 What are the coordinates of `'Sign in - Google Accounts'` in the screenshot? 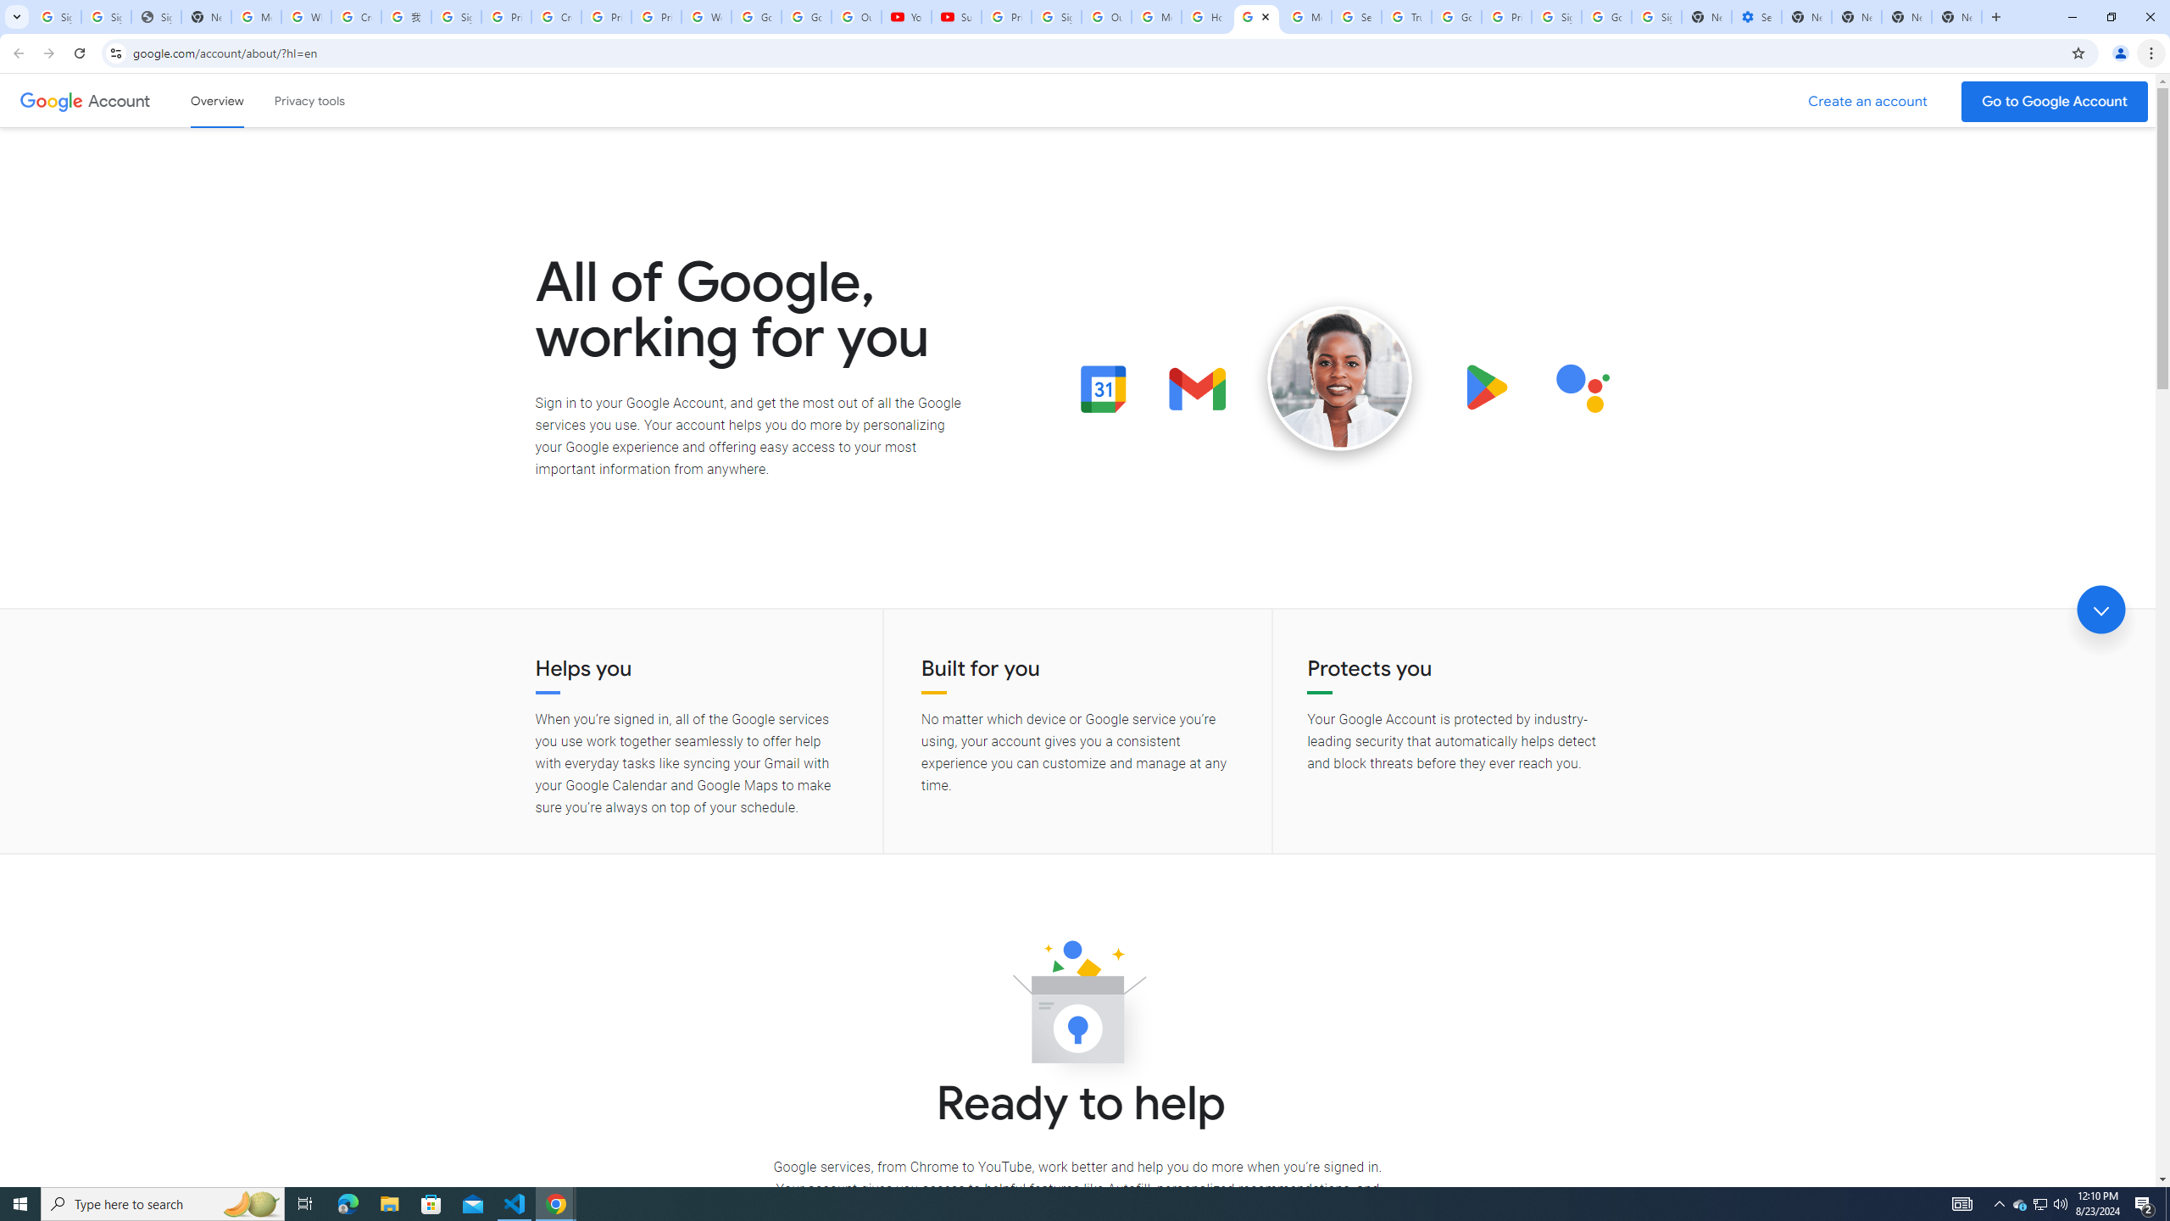 It's located at (106, 16).